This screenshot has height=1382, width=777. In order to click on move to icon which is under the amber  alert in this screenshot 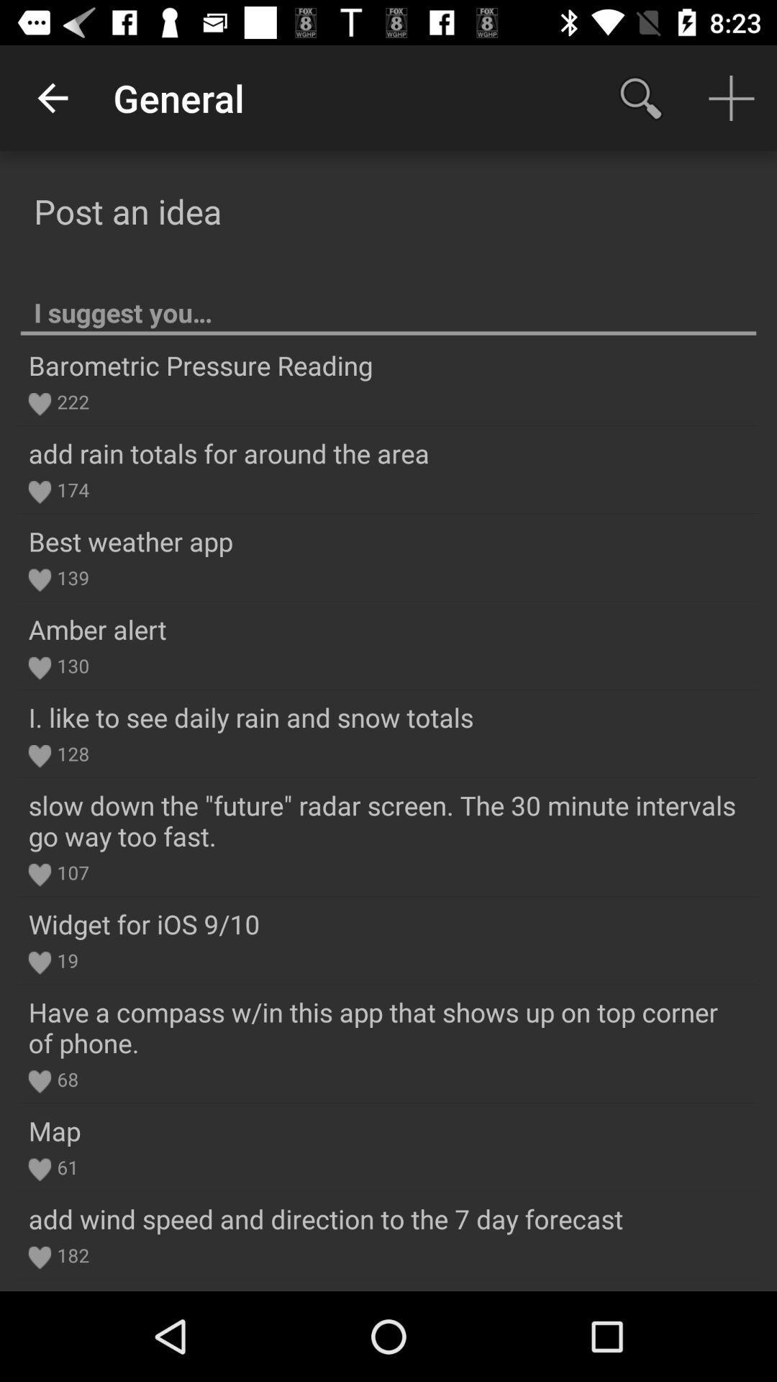, I will do `click(39, 667)`.